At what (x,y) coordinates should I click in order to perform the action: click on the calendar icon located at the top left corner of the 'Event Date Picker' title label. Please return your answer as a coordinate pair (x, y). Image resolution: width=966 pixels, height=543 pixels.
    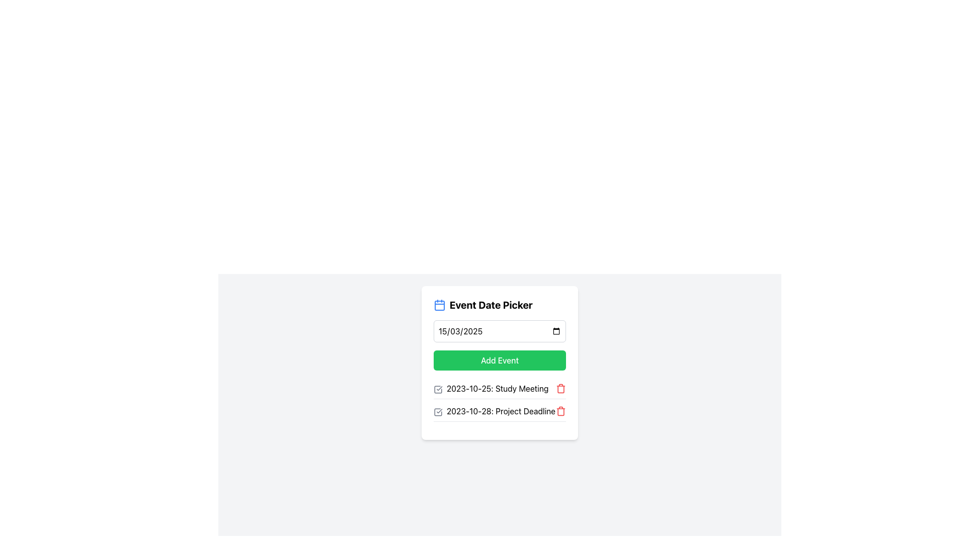
    Looking at the image, I should click on (439, 304).